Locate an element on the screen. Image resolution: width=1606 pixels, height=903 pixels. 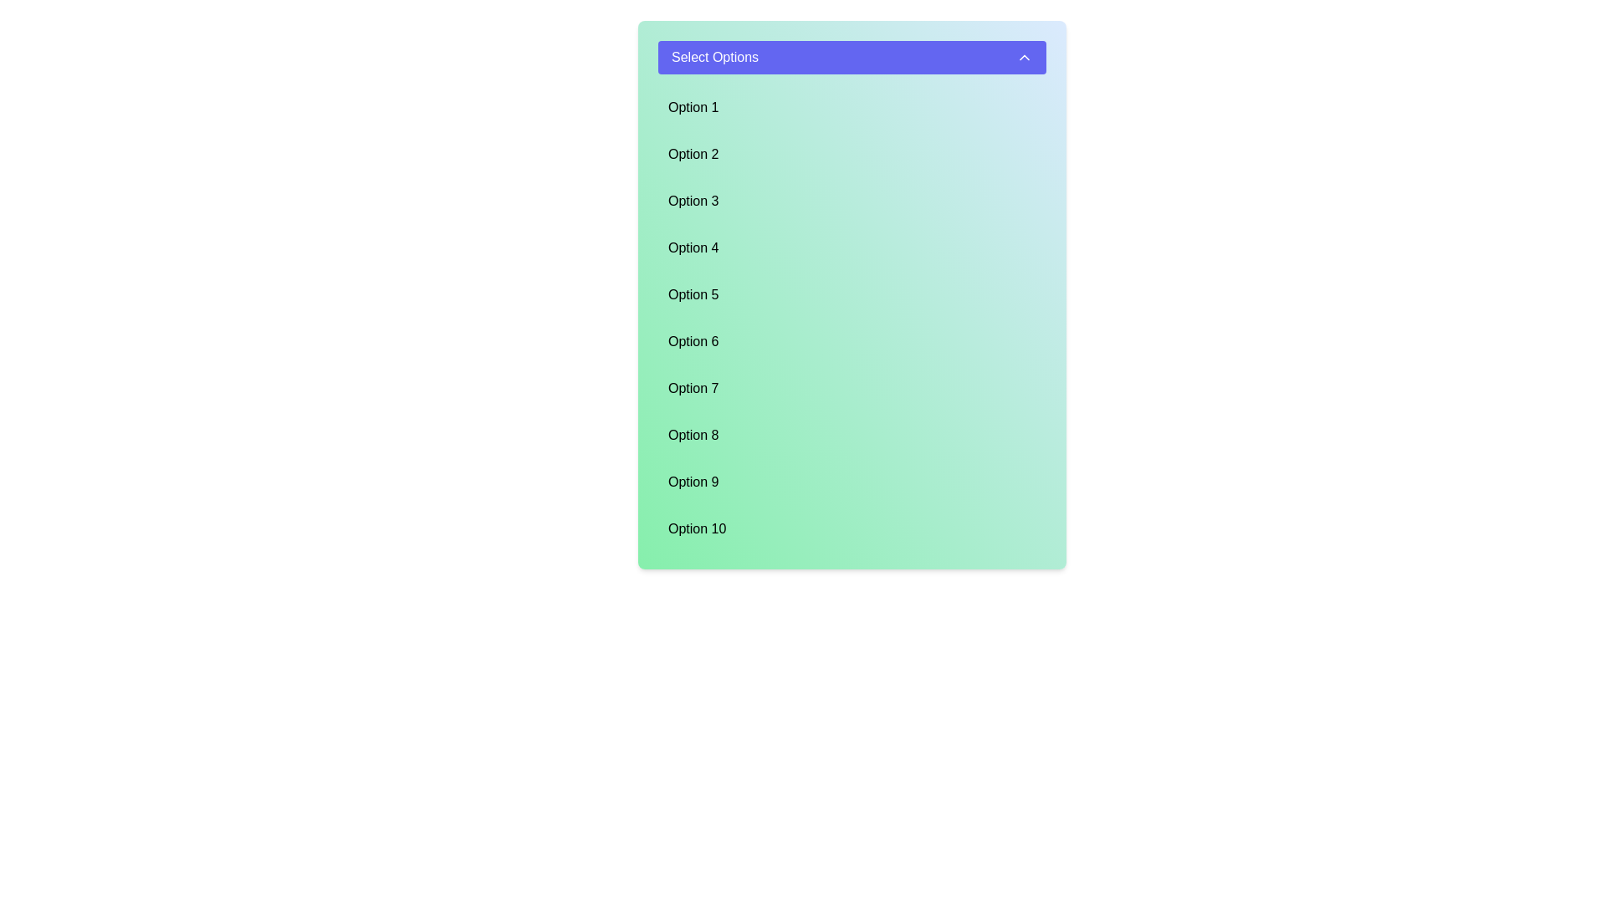
the 'Option 7' text label in the dropdown list, which is the seventh item in a vertical arrangement is located at coordinates (693, 389).